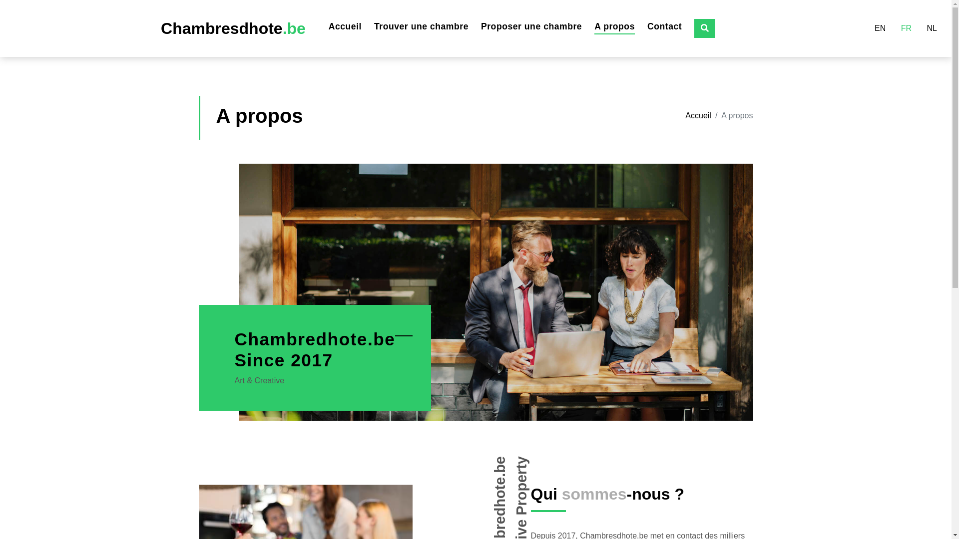 This screenshot has width=959, height=539. Describe the element at coordinates (421, 26) in the screenshot. I see `'Trouver une chambre'` at that location.